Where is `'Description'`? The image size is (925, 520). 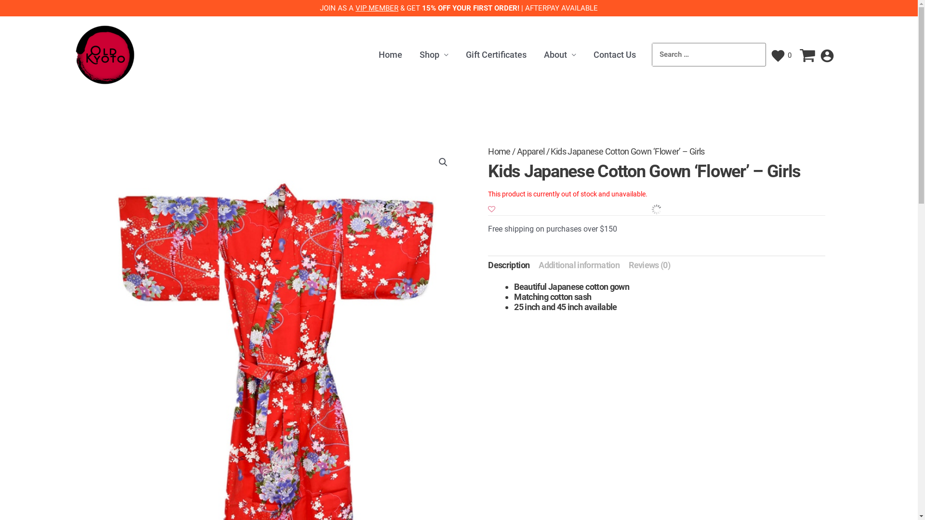
'Description' is located at coordinates (508, 265).